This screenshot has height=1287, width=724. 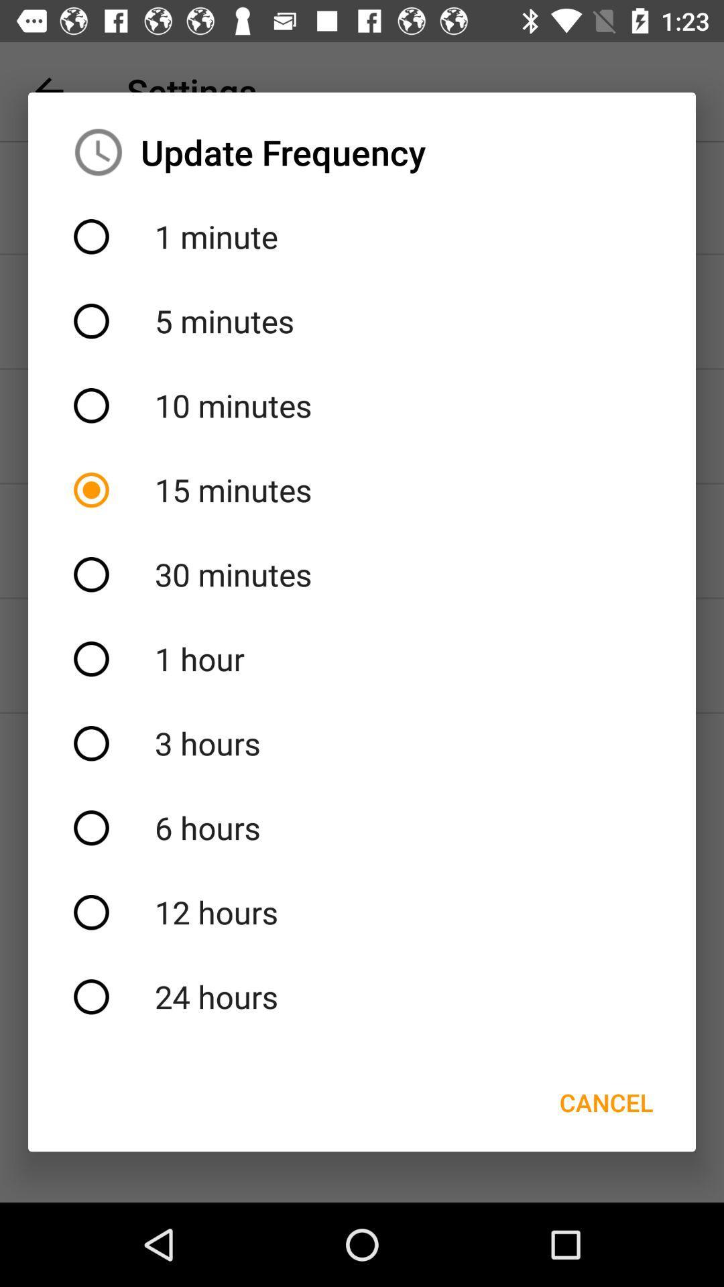 I want to click on 10 minutes, so click(x=362, y=405).